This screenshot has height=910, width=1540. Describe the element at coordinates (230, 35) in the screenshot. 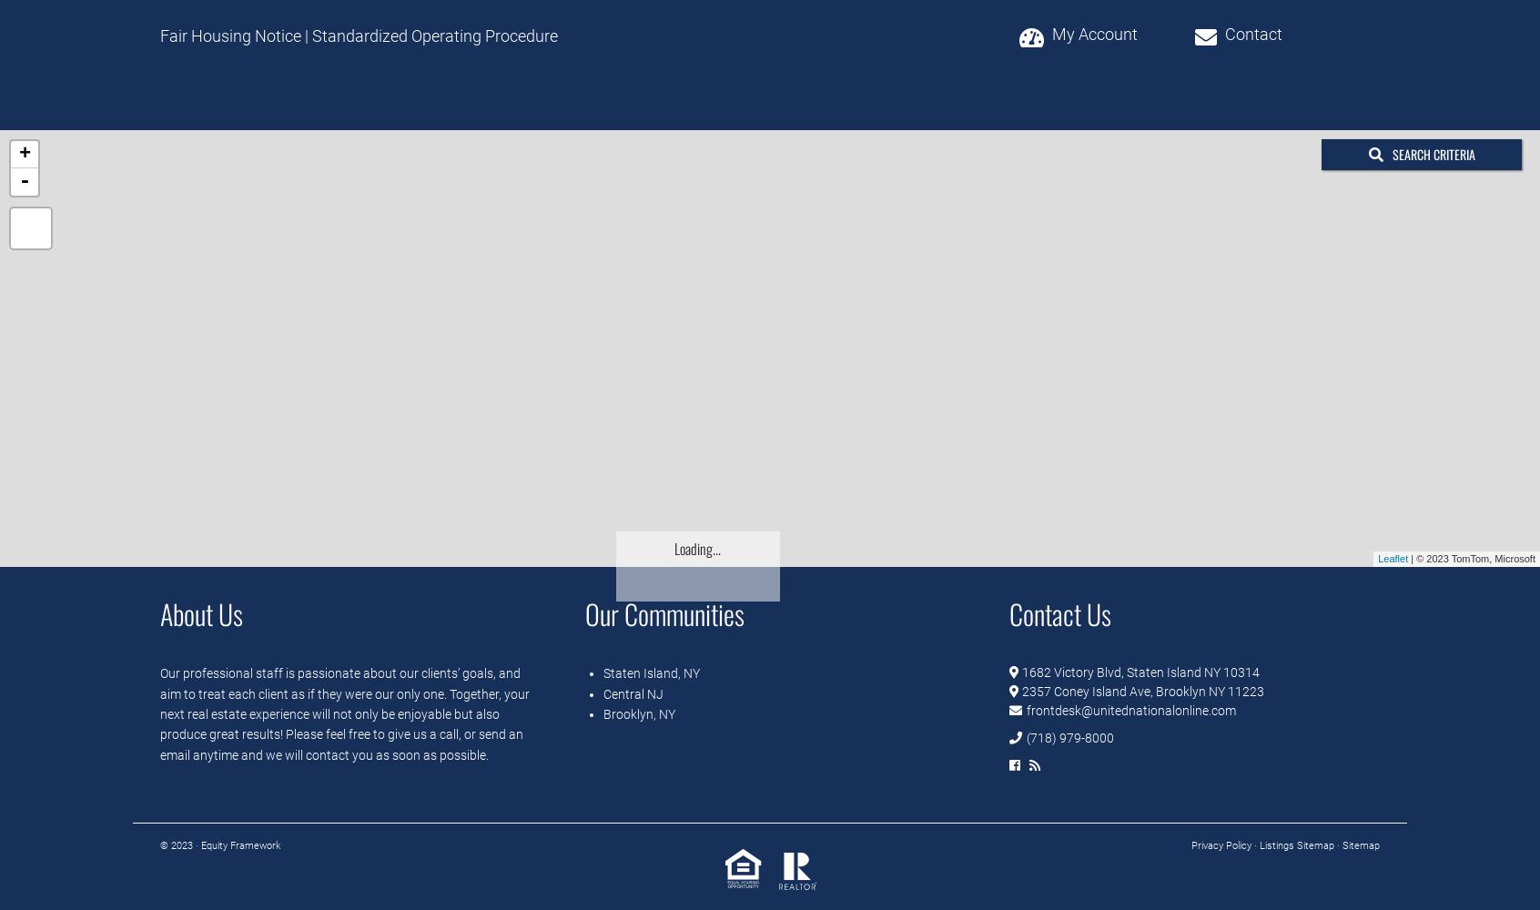

I see `'Fair Housing Notice'` at that location.